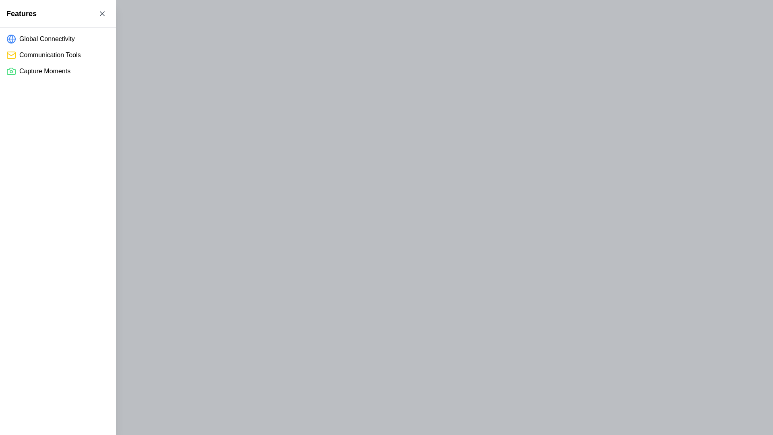 The height and width of the screenshot is (435, 773). What do you see at coordinates (11, 71) in the screenshot?
I see `the camera icon that represents the functionality to capture pictures or videos, located to the left of the 'Capture Moments' label` at bounding box center [11, 71].